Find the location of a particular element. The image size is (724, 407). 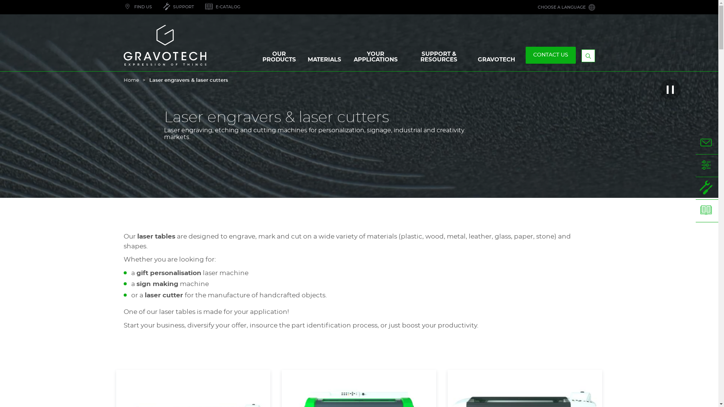

'CHOOSE A LANGUAGE' is located at coordinates (566, 7).